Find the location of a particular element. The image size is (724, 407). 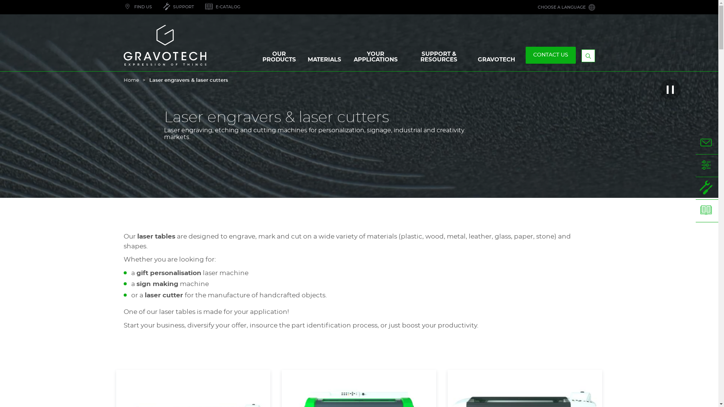

'CHOOSE A LANGUAGE' is located at coordinates (566, 7).